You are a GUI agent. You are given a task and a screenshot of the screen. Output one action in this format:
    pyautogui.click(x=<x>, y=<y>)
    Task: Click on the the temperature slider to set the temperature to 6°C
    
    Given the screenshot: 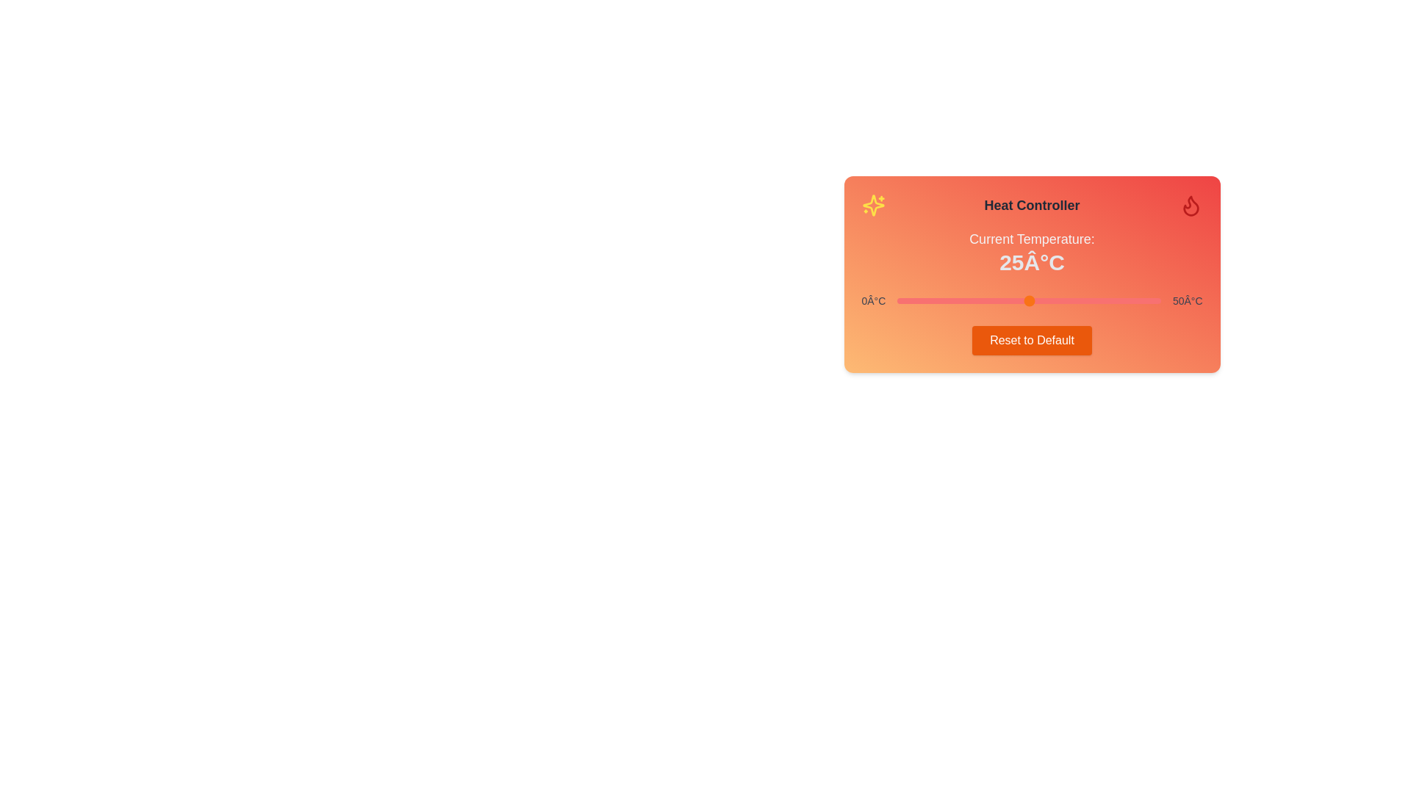 What is the action you would take?
    pyautogui.click(x=927, y=300)
    